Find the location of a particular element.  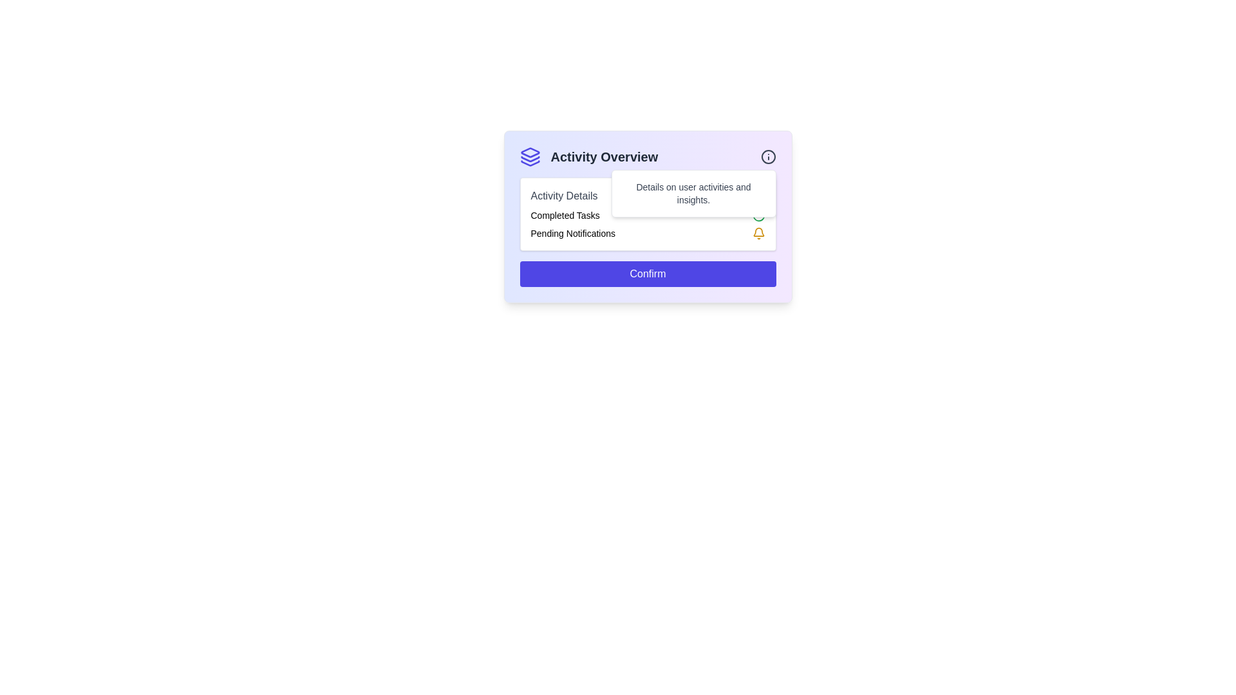

the text label displaying 'Pending Notifications' in the light green section of the card interface under 'Activity Overview' is located at coordinates (572, 233).